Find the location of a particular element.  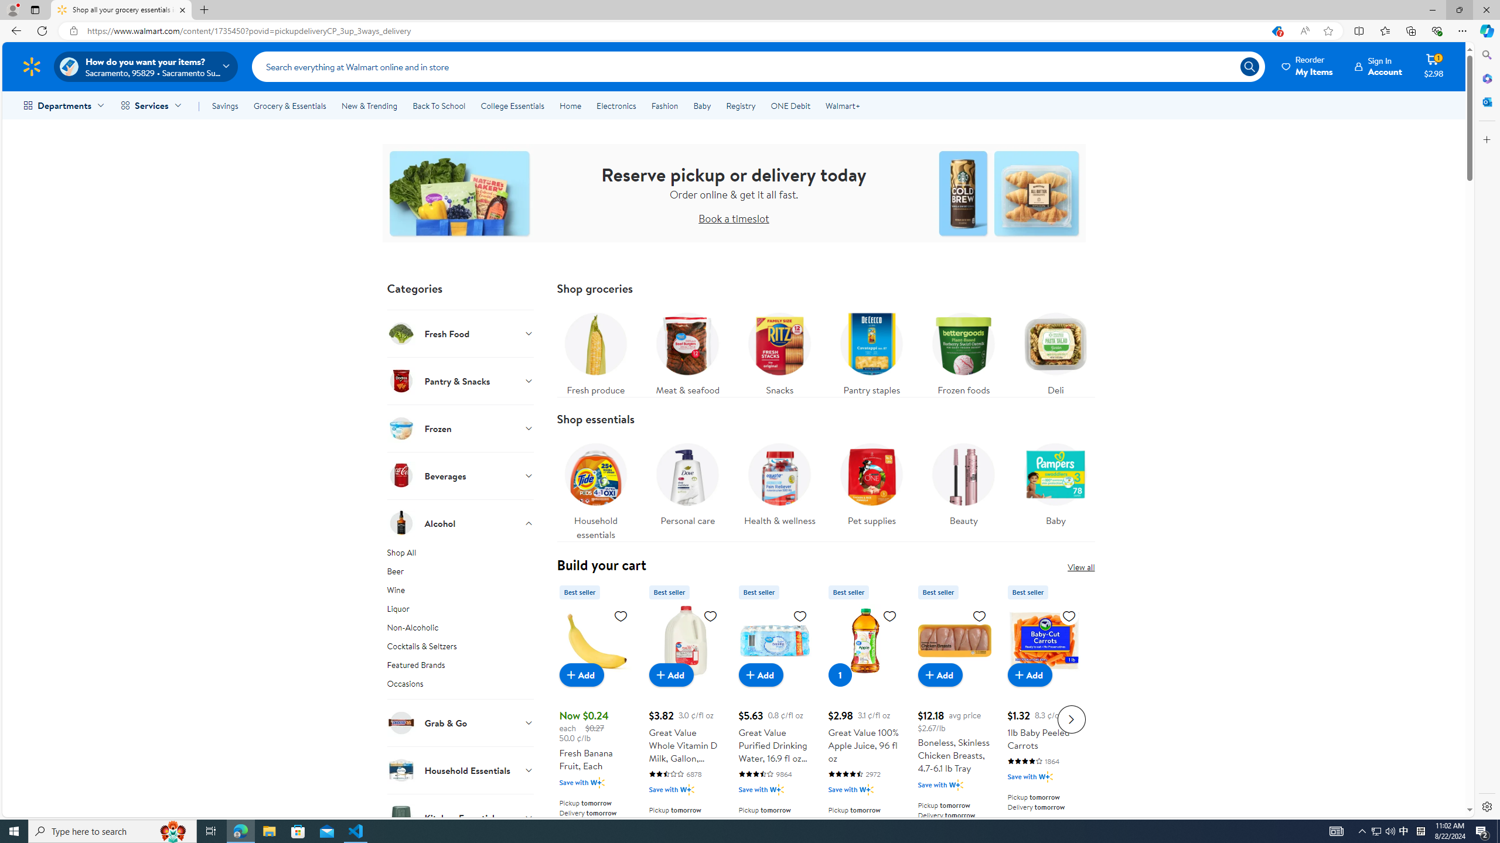

'Add to cart - 1lb Baby Peeled Carrots' is located at coordinates (1029, 674).